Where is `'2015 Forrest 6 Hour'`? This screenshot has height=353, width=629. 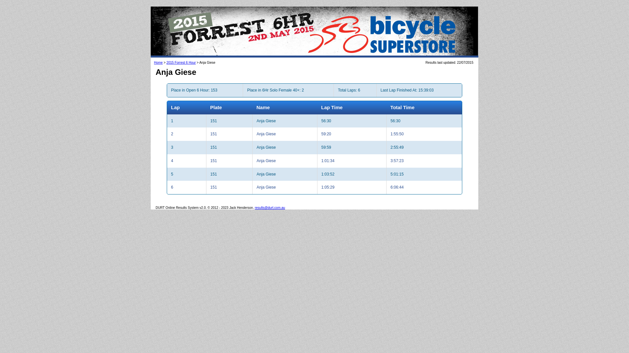 '2015 Forrest 6 Hour' is located at coordinates (181, 62).